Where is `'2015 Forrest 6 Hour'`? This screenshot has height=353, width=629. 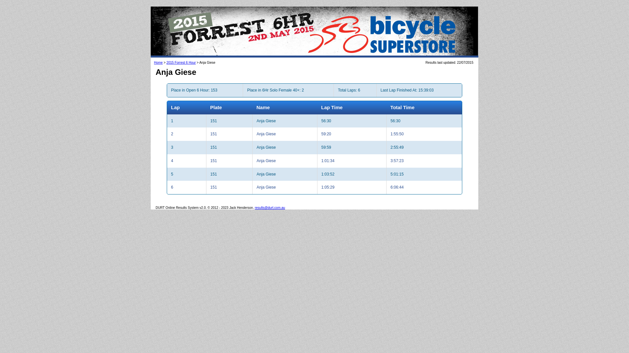 '2015 Forrest 6 Hour' is located at coordinates (181, 62).